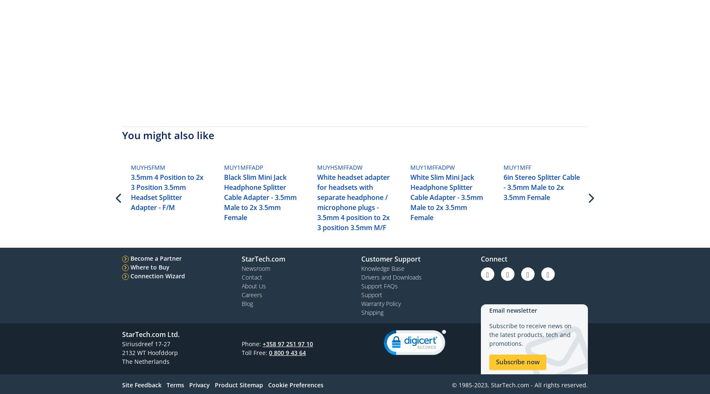 Image resolution: width=710 pixels, height=394 pixels. What do you see at coordinates (493, 258) in the screenshot?
I see `'Connect'` at bounding box center [493, 258].